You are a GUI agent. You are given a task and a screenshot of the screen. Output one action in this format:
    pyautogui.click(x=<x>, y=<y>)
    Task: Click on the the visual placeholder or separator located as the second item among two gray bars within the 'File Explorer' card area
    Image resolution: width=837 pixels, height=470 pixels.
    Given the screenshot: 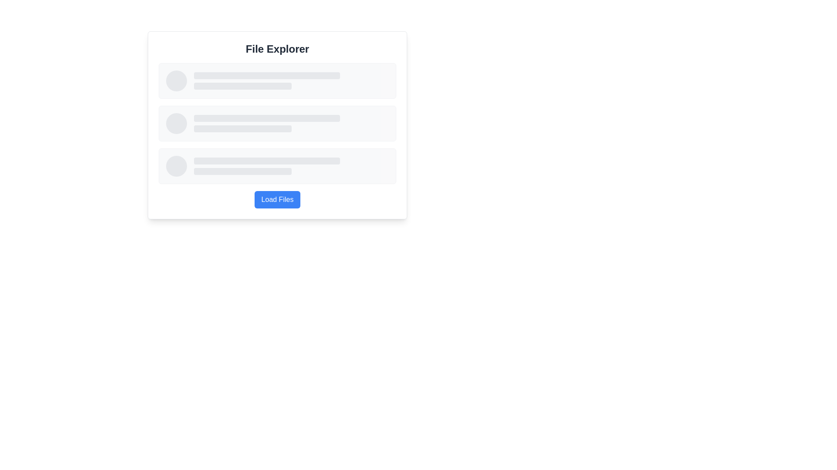 What is the action you would take?
    pyautogui.click(x=242, y=171)
    